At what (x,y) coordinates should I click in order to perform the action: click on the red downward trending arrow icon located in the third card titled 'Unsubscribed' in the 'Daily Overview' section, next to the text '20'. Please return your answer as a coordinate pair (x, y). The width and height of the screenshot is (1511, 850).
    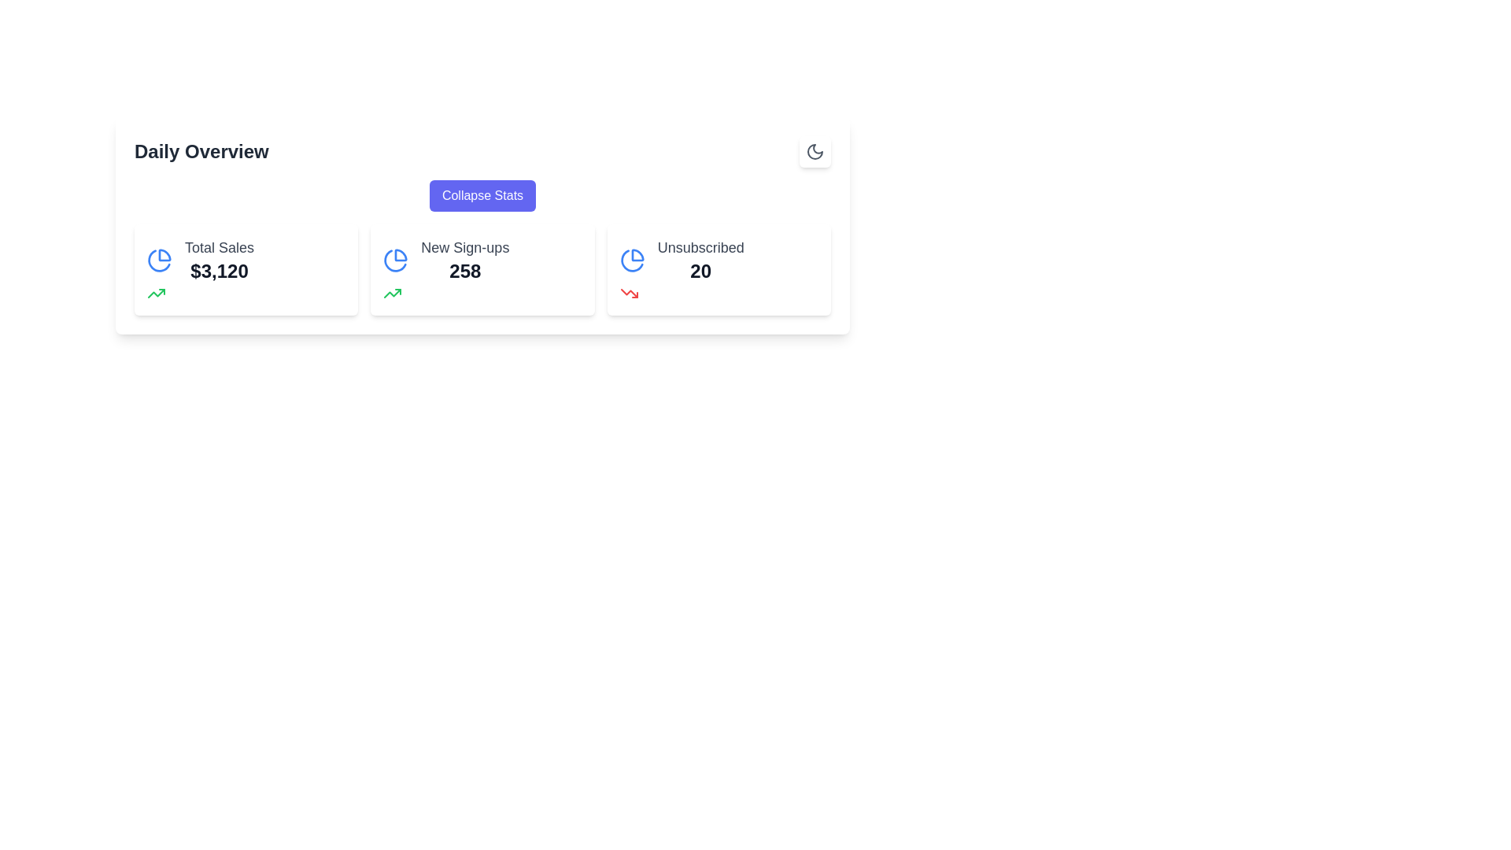
    Looking at the image, I should click on (628, 294).